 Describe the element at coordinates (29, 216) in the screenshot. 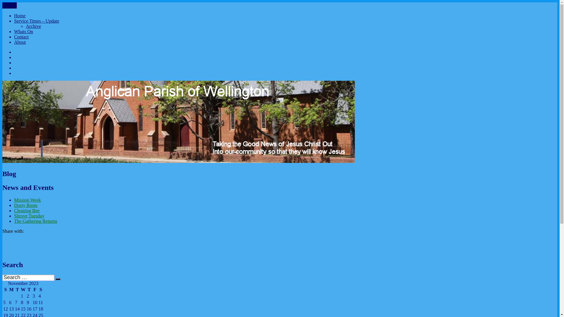

I see `'Shrove Tuesday'` at that location.